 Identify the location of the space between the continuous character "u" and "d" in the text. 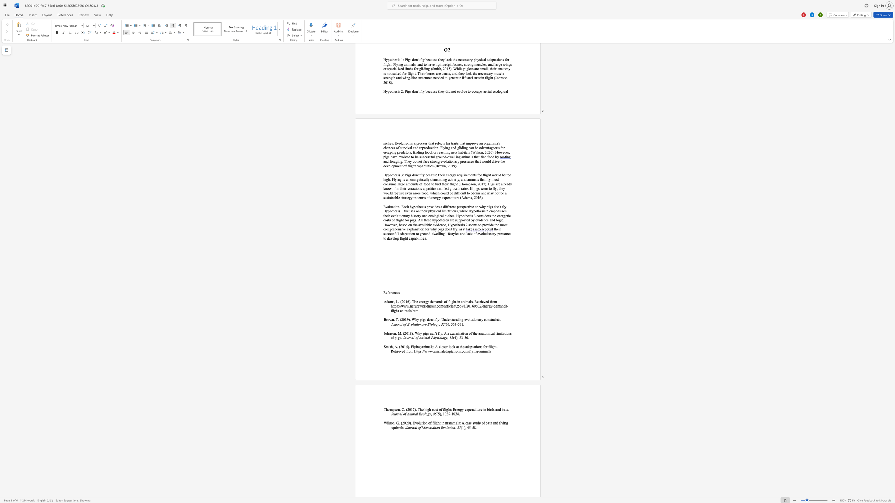
(477, 423).